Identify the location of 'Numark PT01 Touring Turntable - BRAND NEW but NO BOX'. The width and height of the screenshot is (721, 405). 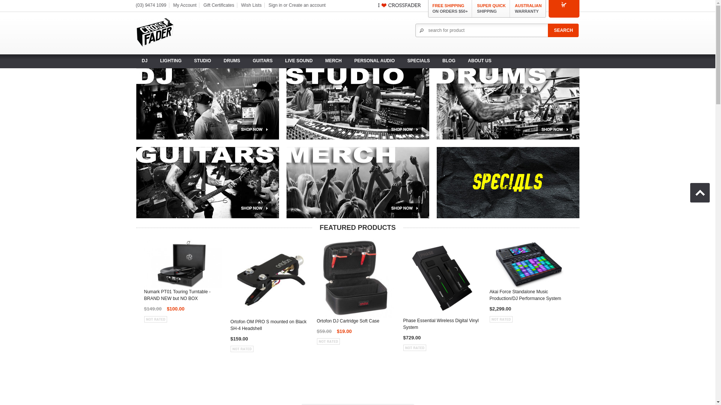
(183, 296).